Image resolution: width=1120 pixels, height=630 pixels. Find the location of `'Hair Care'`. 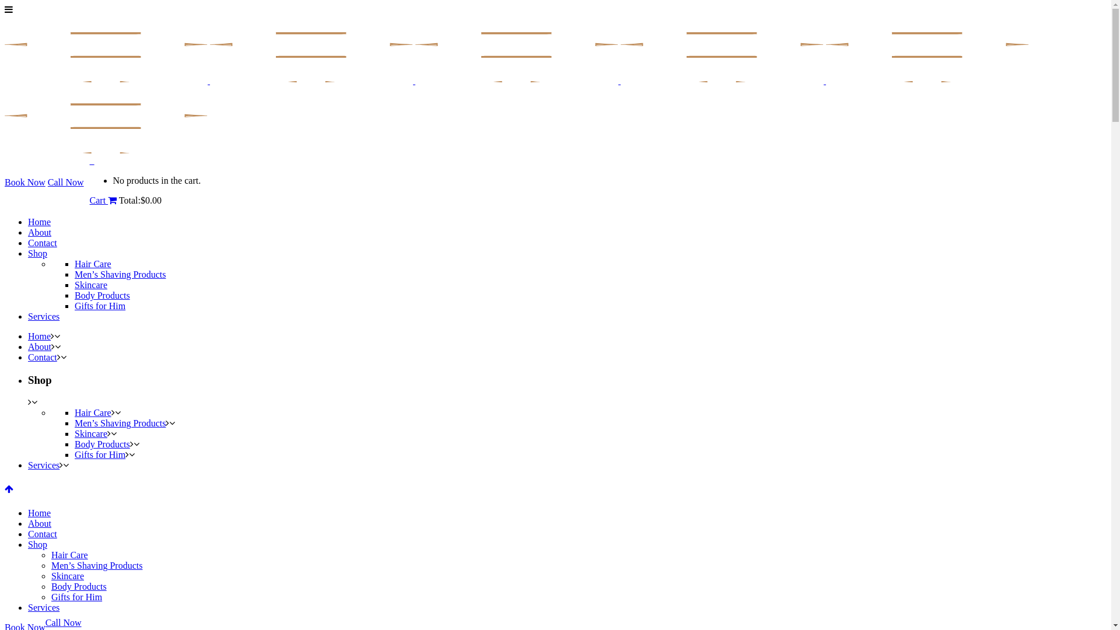

'Hair Care' is located at coordinates (69, 554).